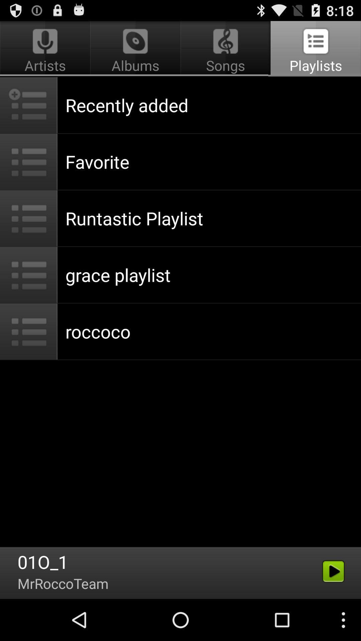 The height and width of the screenshot is (641, 361). Describe the element at coordinates (46, 49) in the screenshot. I see `the item to the left of songs` at that location.